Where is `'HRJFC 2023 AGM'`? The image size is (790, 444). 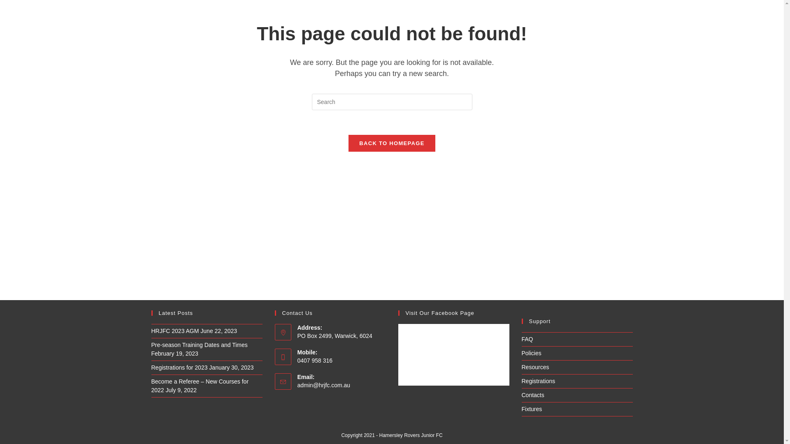 'HRJFC 2023 AGM' is located at coordinates (175, 331).